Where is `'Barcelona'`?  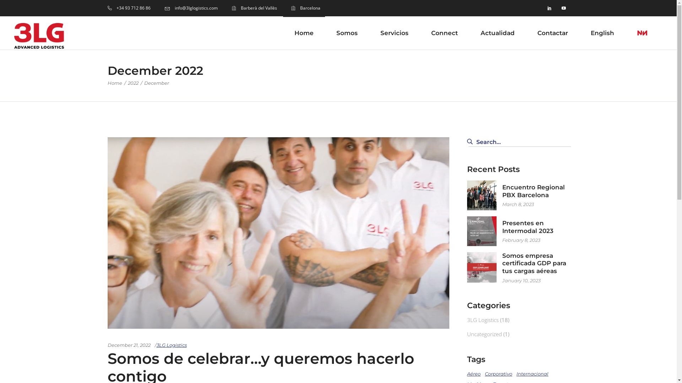 'Barcelona' is located at coordinates (305, 8).